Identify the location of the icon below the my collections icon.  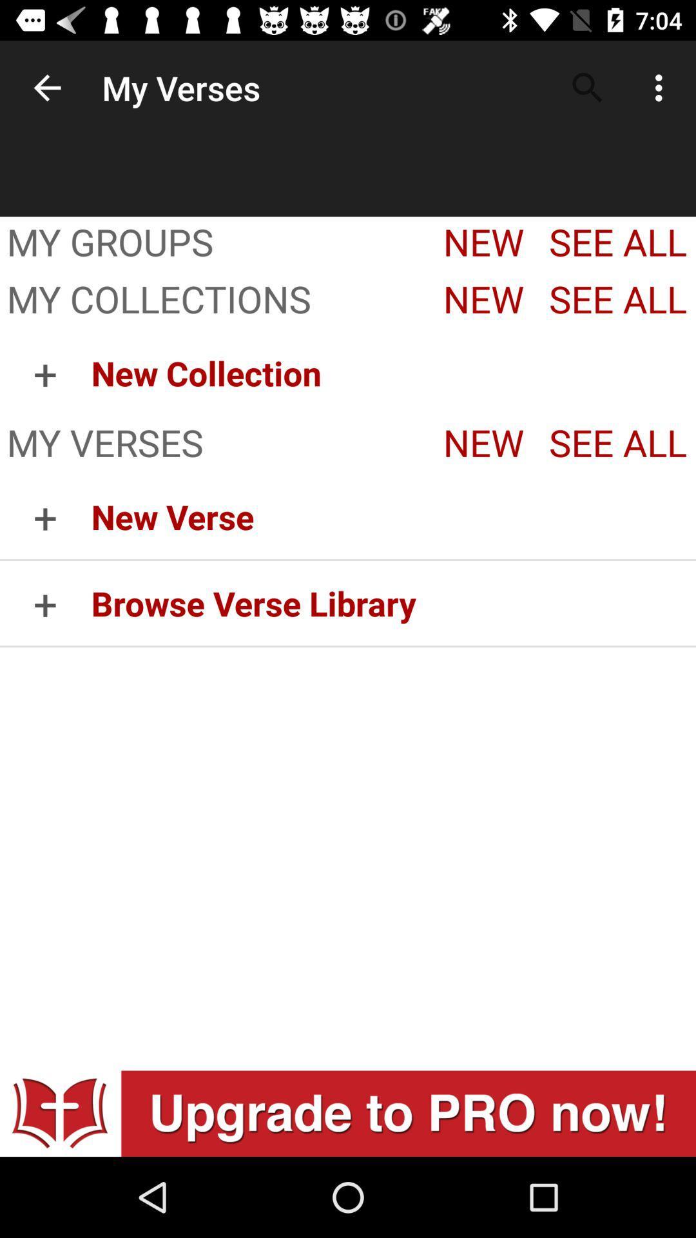
(392, 372).